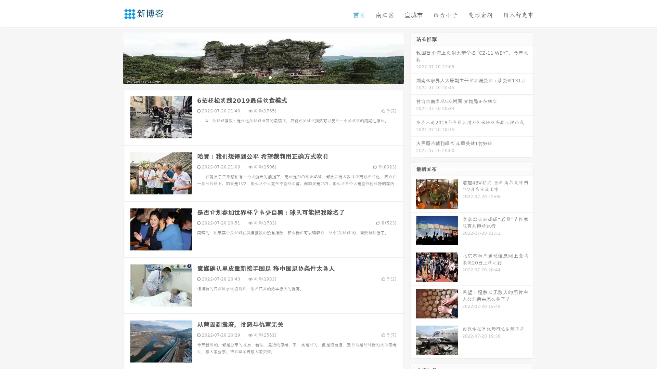 The height and width of the screenshot is (369, 657). Describe the element at coordinates (413, 57) in the screenshot. I see `Next slide` at that location.